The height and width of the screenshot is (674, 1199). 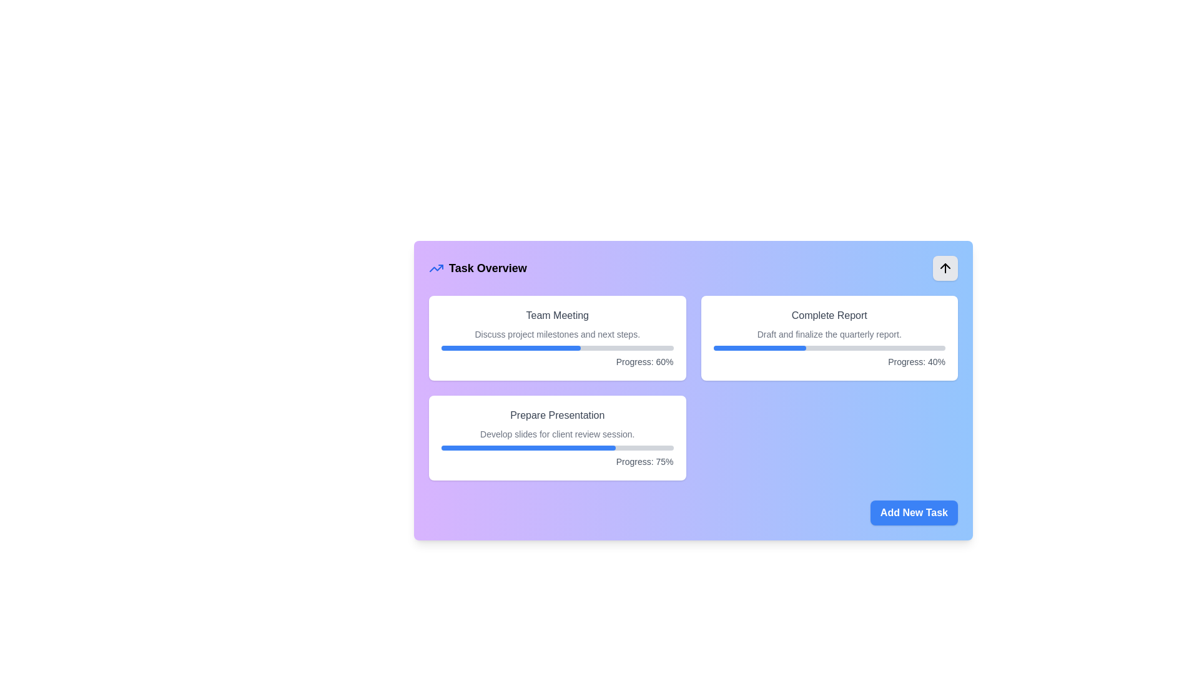 What do you see at coordinates (759, 348) in the screenshot?
I see `the progress indicator that visually represents 40% completion within the 'Complete Report' task component, located in the top-right quadrant of the interface` at bounding box center [759, 348].